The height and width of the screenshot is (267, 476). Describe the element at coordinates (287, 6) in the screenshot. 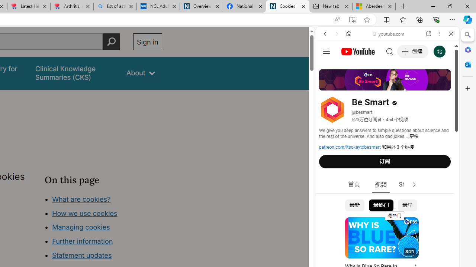

I see `'Cookies | About | NICE'` at that location.